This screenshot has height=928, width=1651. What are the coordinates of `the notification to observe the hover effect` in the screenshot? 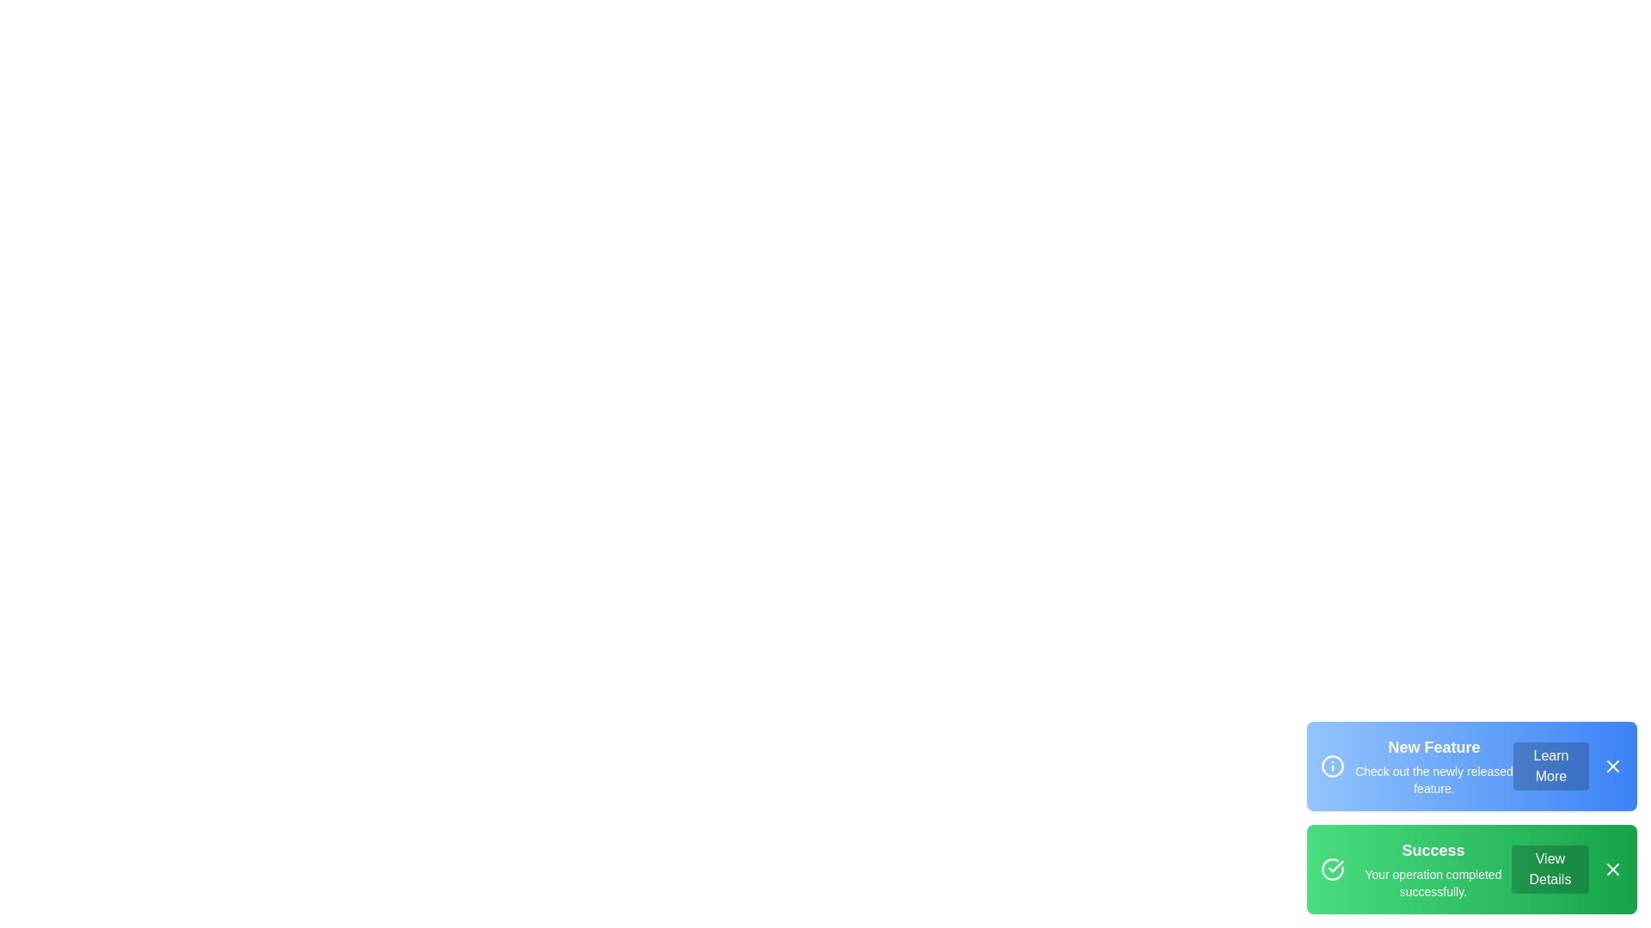 It's located at (1471, 765).